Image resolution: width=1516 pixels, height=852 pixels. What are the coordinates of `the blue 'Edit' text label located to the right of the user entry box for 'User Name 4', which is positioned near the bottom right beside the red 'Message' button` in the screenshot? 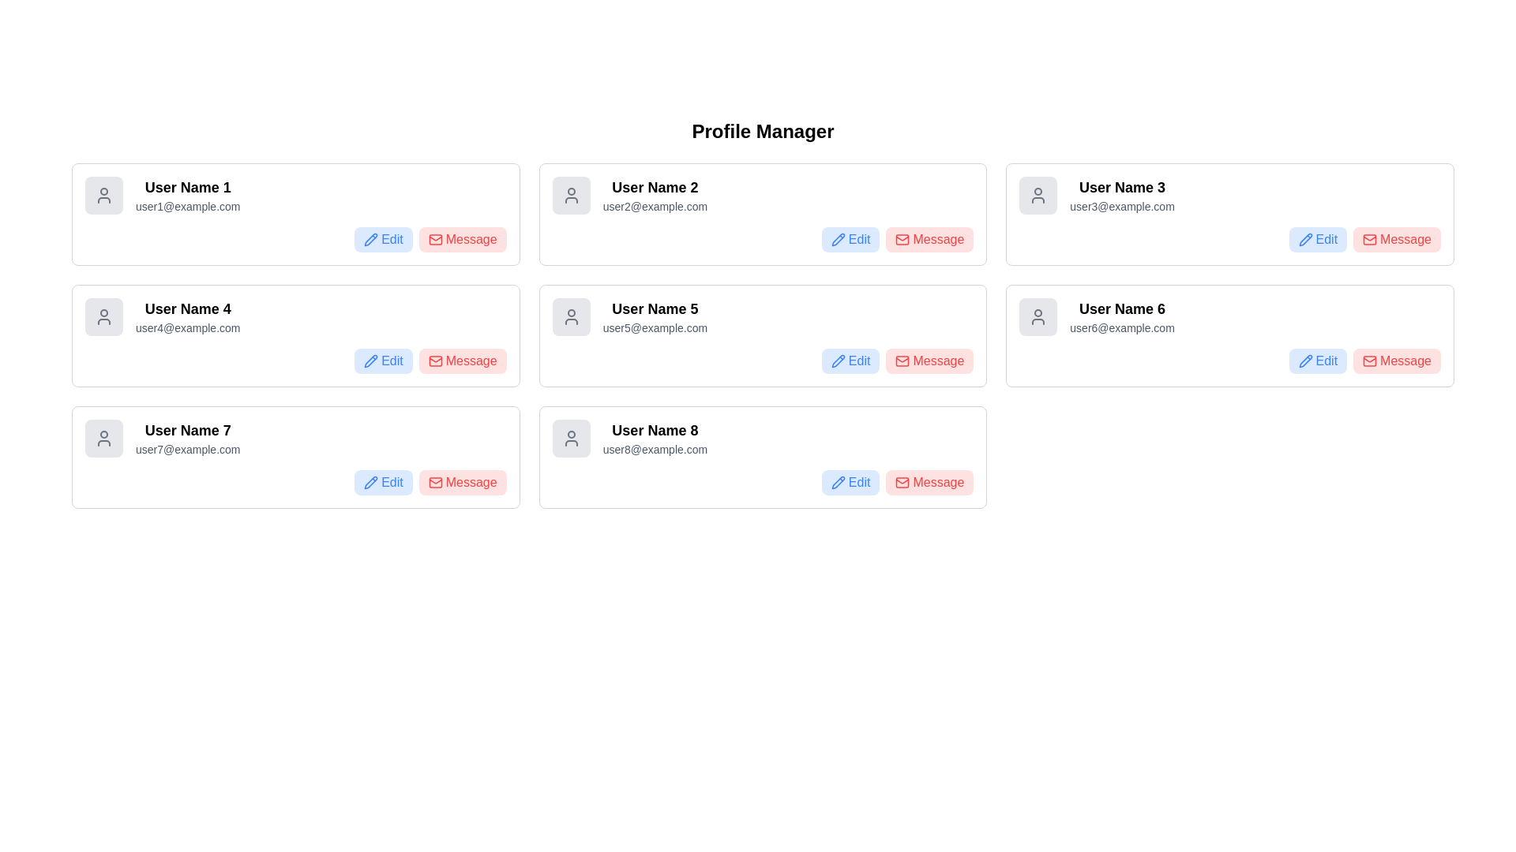 It's located at (392, 361).